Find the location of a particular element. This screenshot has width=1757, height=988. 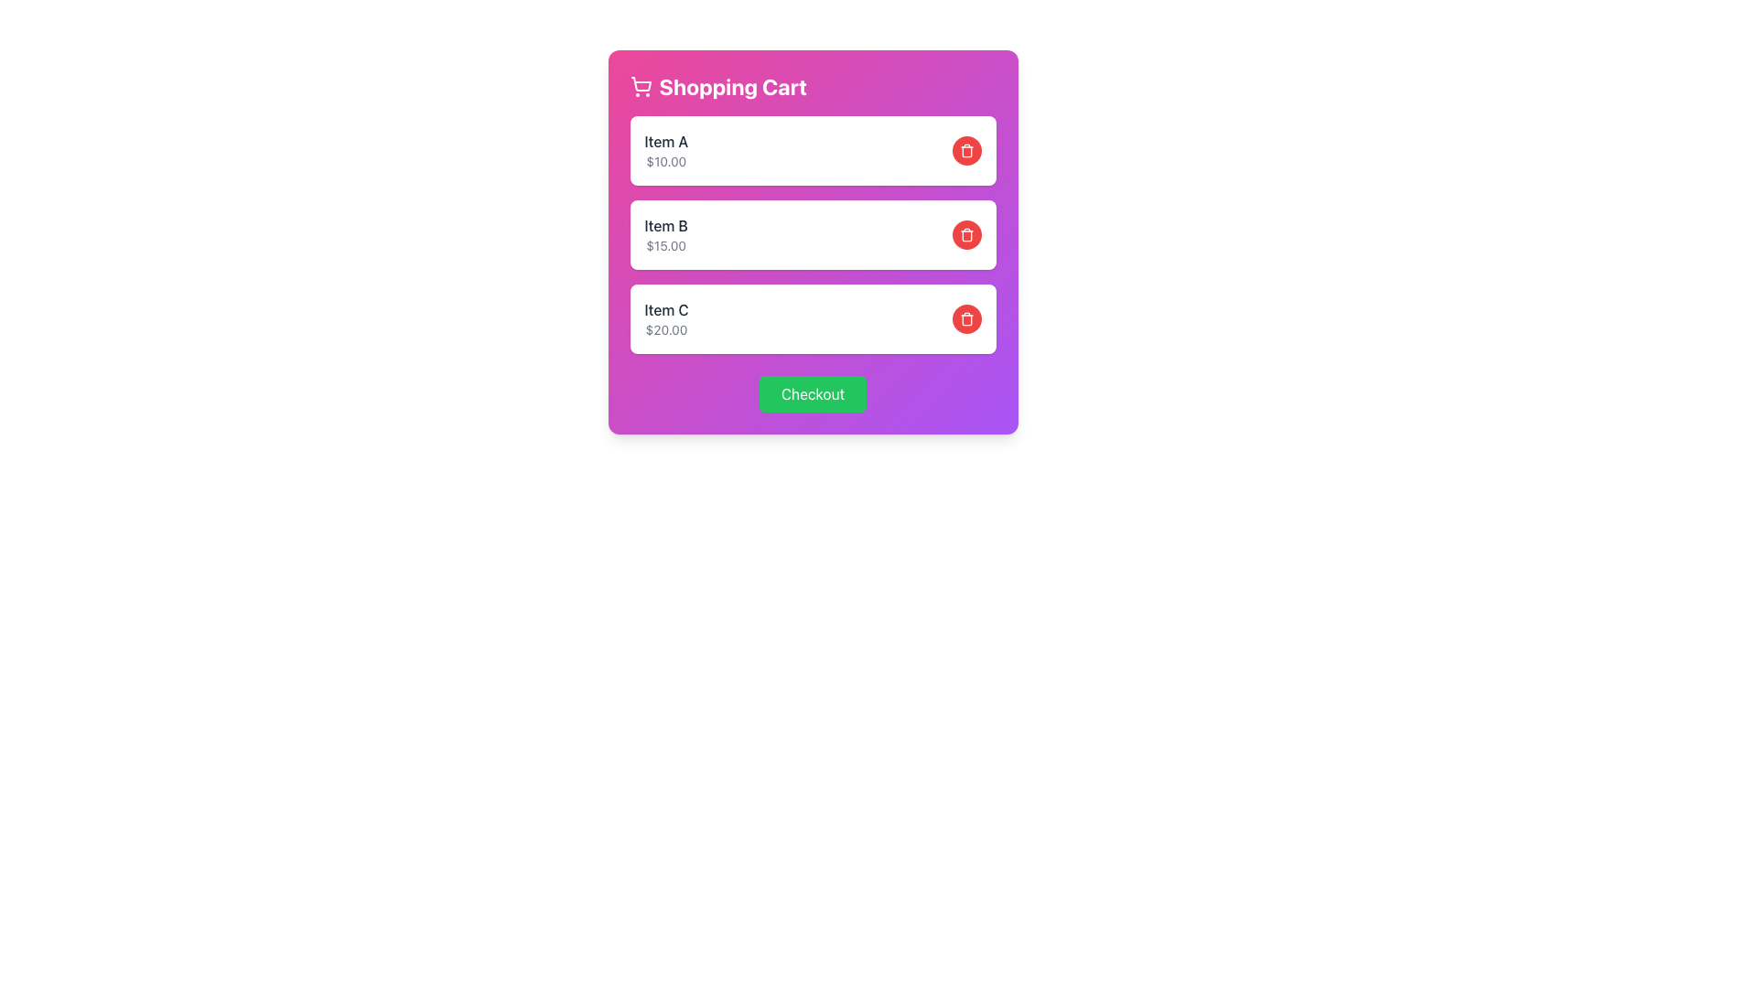

the visually distinct shopping cart icon, which is rendered in a minimalistic outline style and located to the left of the 'Shopping Cart' title text is located at coordinates (641, 87).